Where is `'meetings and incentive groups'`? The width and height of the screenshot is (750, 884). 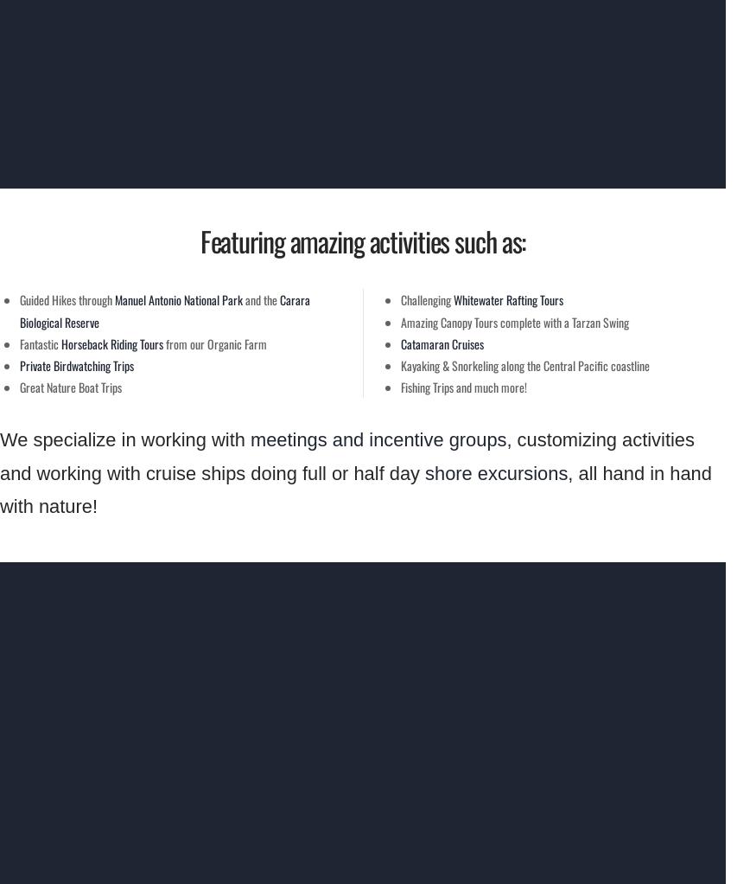 'meetings and incentive groups' is located at coordinates (378, 439).